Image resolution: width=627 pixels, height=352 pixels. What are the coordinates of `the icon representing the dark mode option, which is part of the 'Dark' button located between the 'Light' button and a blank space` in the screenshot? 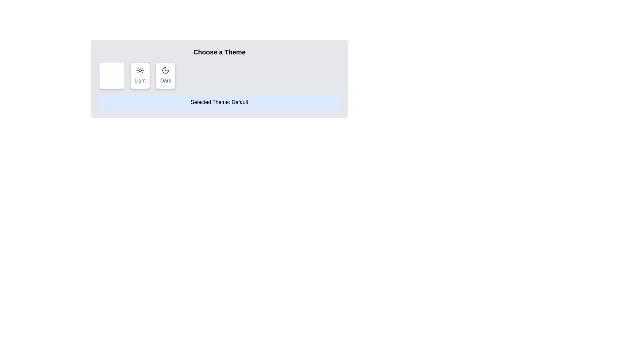 It's located at (166, 70).